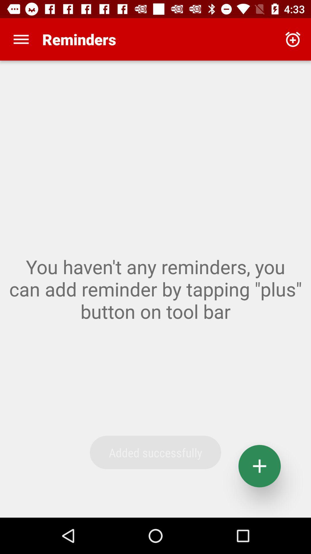 The image size is (311, 554). Describe the element at coordinates (293, 39) in the screenshot. I see `the item next to reminders item` at that location.